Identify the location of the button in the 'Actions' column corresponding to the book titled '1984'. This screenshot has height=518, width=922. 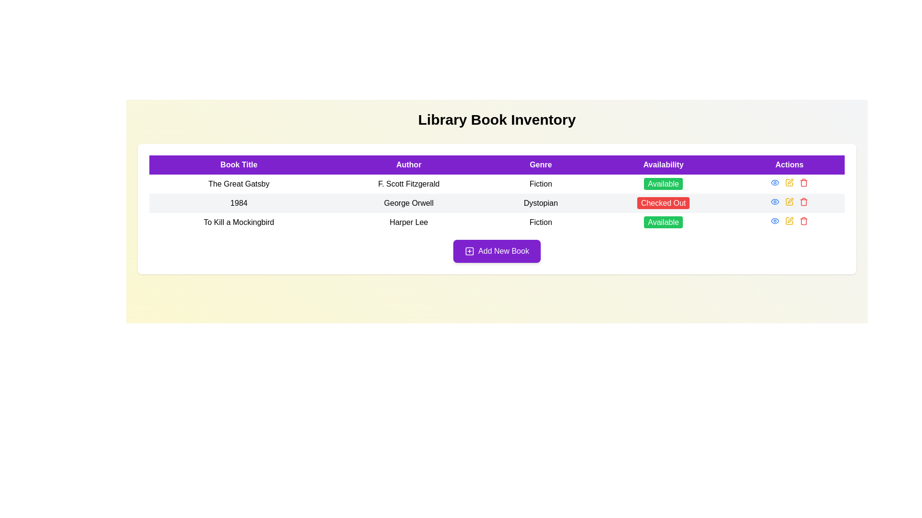
(775, 183).